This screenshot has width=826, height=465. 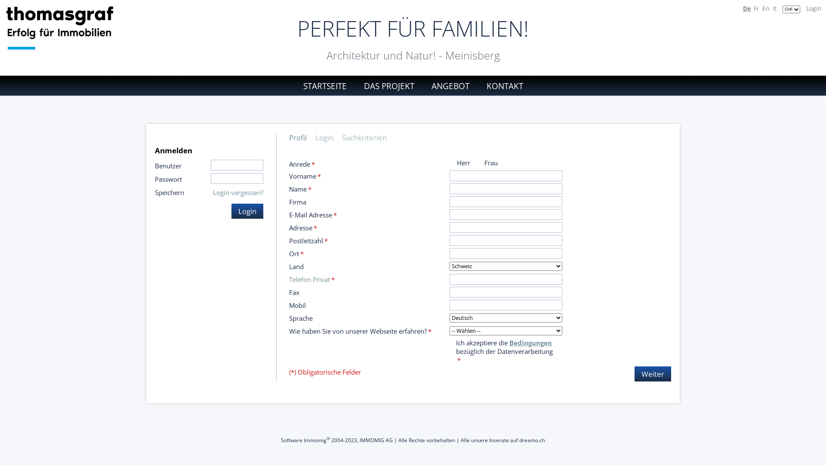 What do you see at coordinates (450, 86) in the screenshot?
I see `'ANGEBOT'` at bounding box center [450, 86].